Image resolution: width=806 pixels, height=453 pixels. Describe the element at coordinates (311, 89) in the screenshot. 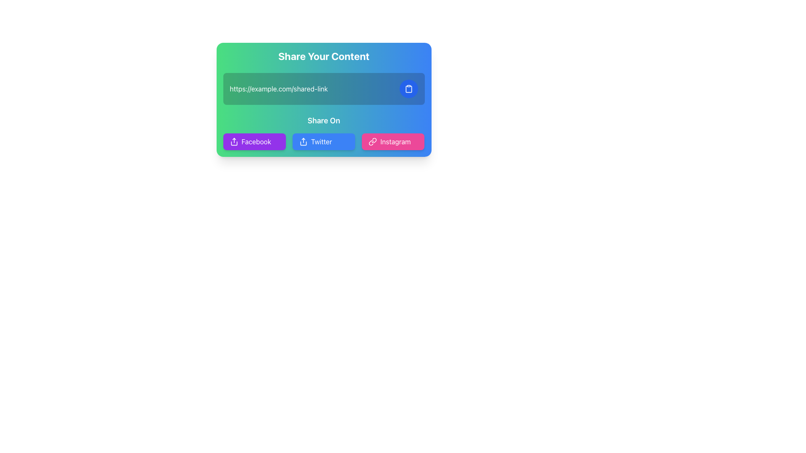

I see `the leftmost text input field with a transparent background and white text` at that location.